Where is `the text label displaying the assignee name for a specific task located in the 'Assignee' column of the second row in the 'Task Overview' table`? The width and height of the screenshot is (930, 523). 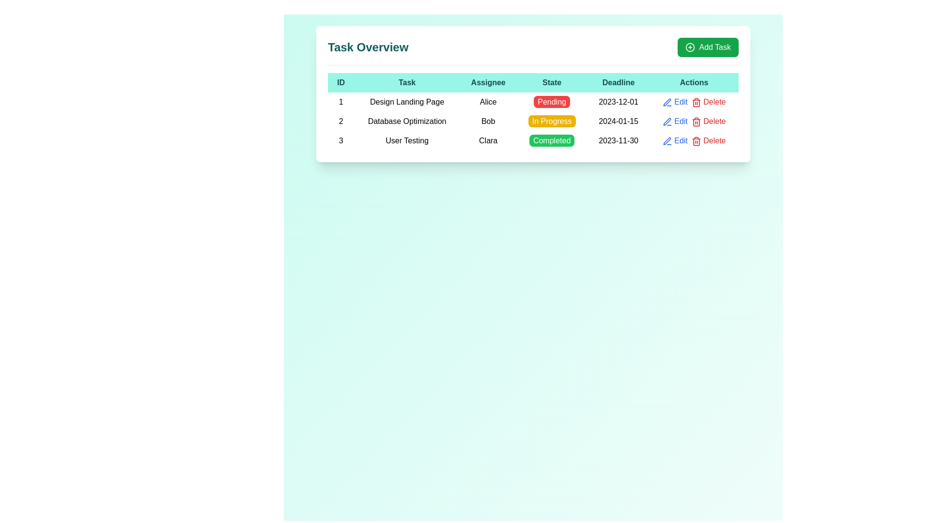 the text label displaying the assignee name for a specific task located in the 'Assignee' column of the second row in the 'Task Overview' table is located at coordinates (488, 121).